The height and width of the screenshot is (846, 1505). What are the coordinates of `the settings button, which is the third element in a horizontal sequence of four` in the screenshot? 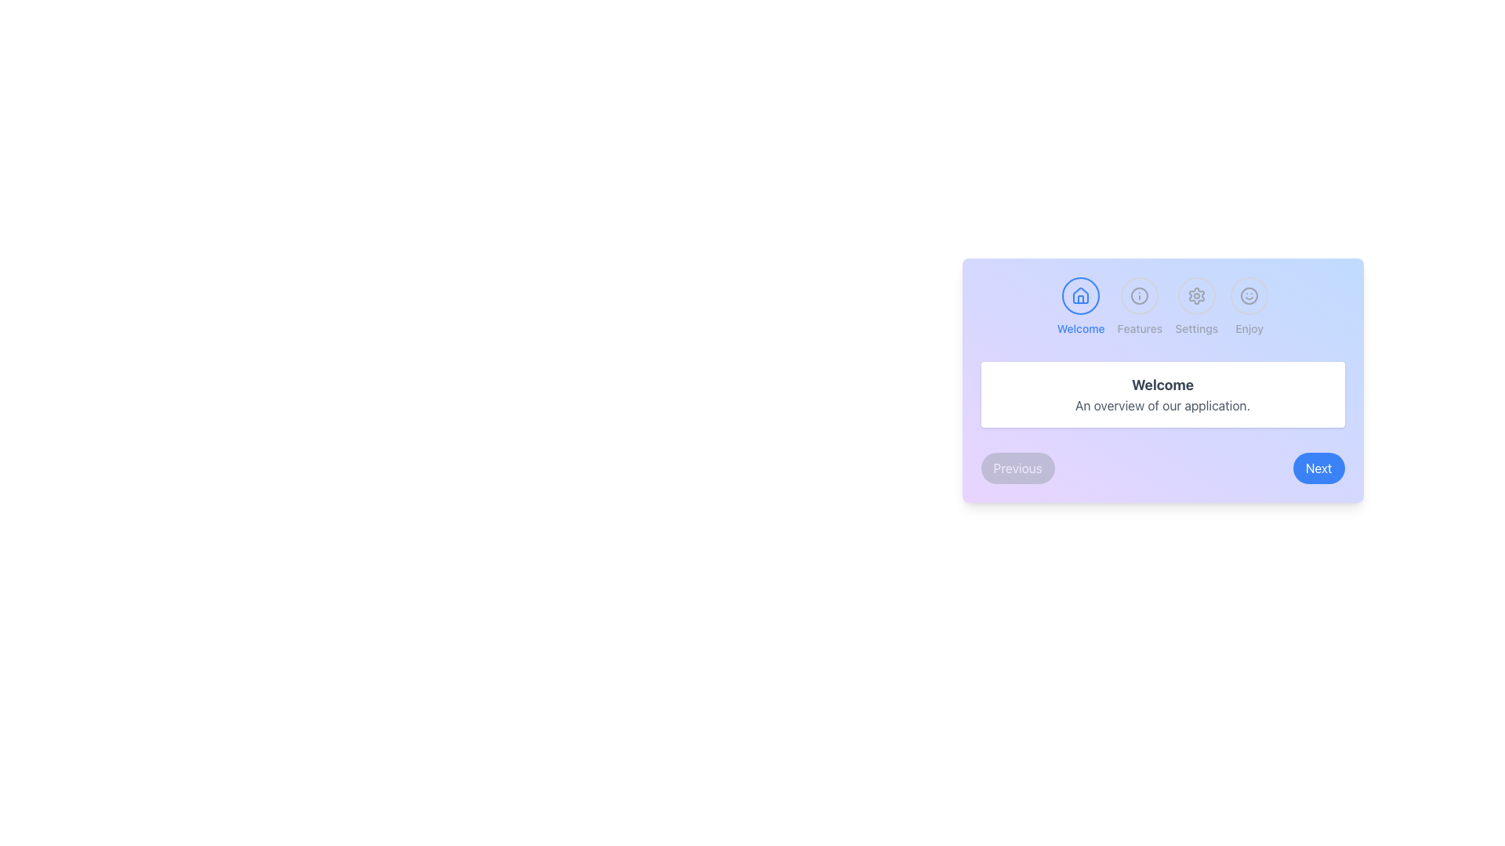 It's located at (1195, 307).